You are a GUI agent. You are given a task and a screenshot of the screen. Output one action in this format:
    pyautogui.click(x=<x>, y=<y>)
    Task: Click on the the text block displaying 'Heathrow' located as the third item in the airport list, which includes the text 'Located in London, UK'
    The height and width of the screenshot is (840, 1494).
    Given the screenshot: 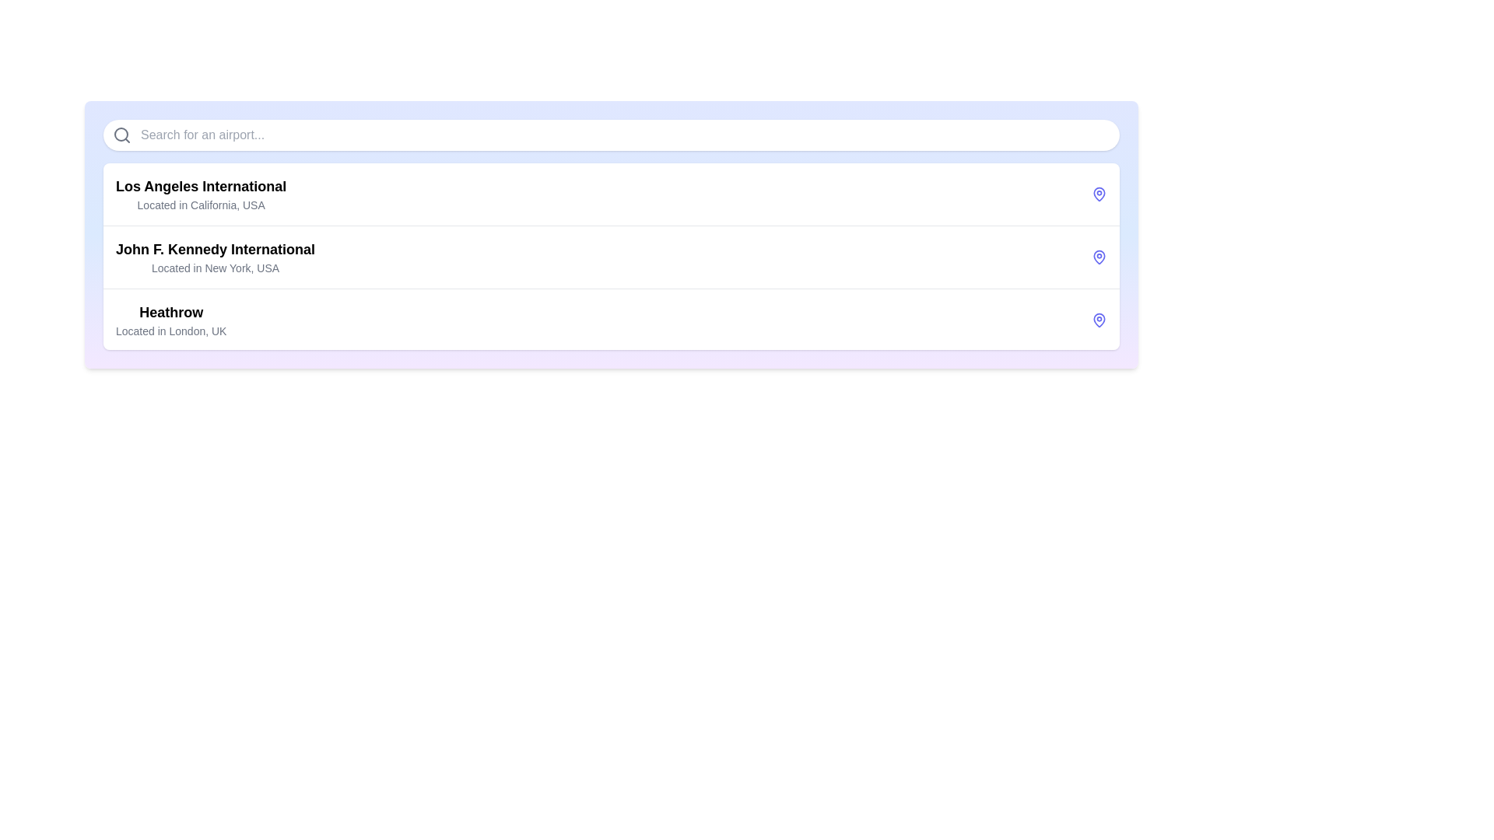 What is the action you would take?
    pyautogui.click(x=171, y=320)
    